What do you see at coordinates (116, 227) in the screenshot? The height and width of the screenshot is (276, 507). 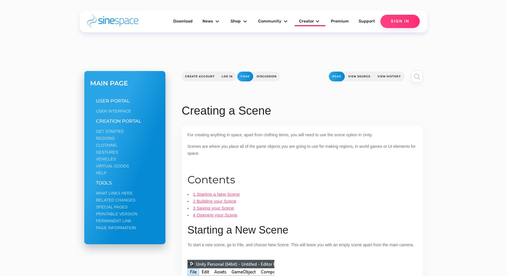 I see `'Page information'` at bounding box center [116, 227].